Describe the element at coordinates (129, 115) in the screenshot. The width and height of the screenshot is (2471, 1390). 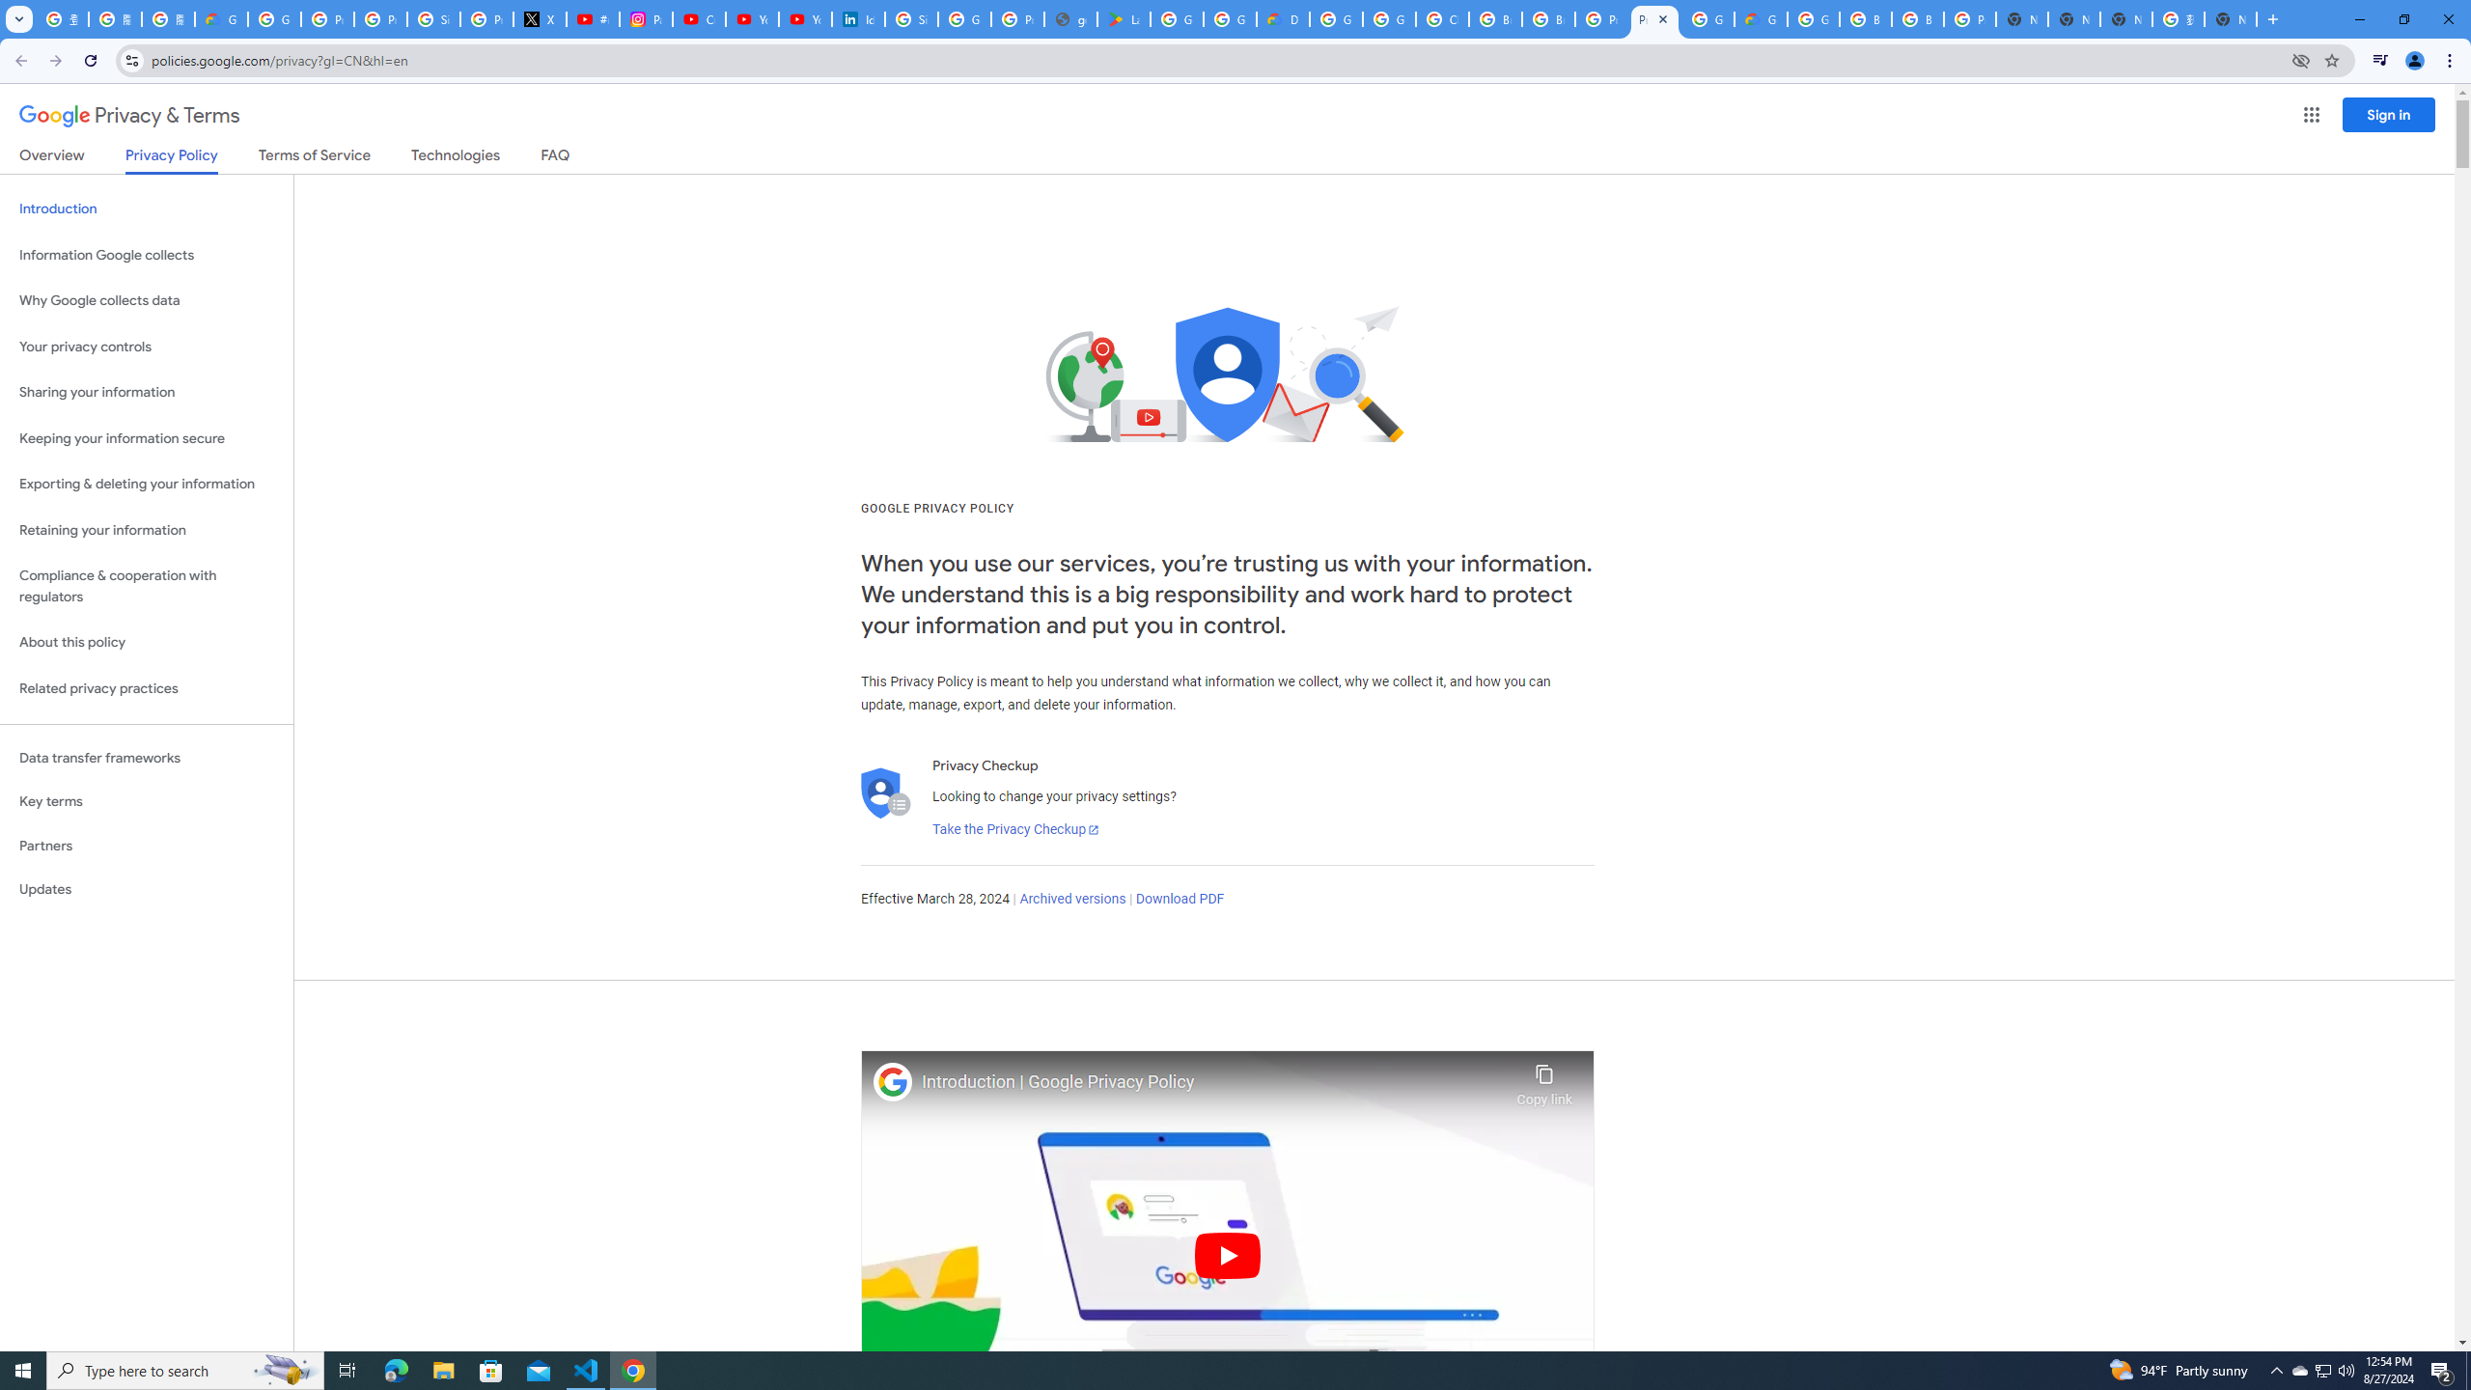
I see `'Privacy & Terms'` at that location.